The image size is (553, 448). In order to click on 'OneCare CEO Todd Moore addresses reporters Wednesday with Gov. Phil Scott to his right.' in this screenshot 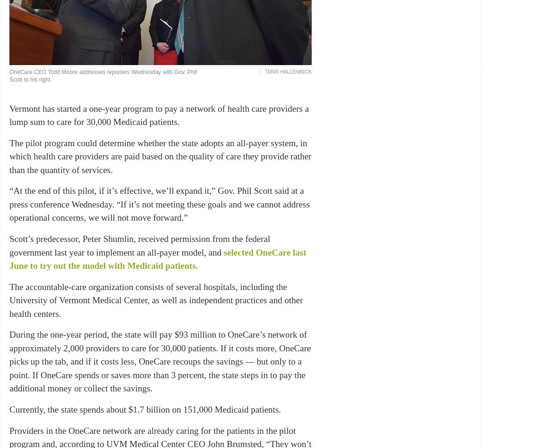, I will do `click(102, 76)`.